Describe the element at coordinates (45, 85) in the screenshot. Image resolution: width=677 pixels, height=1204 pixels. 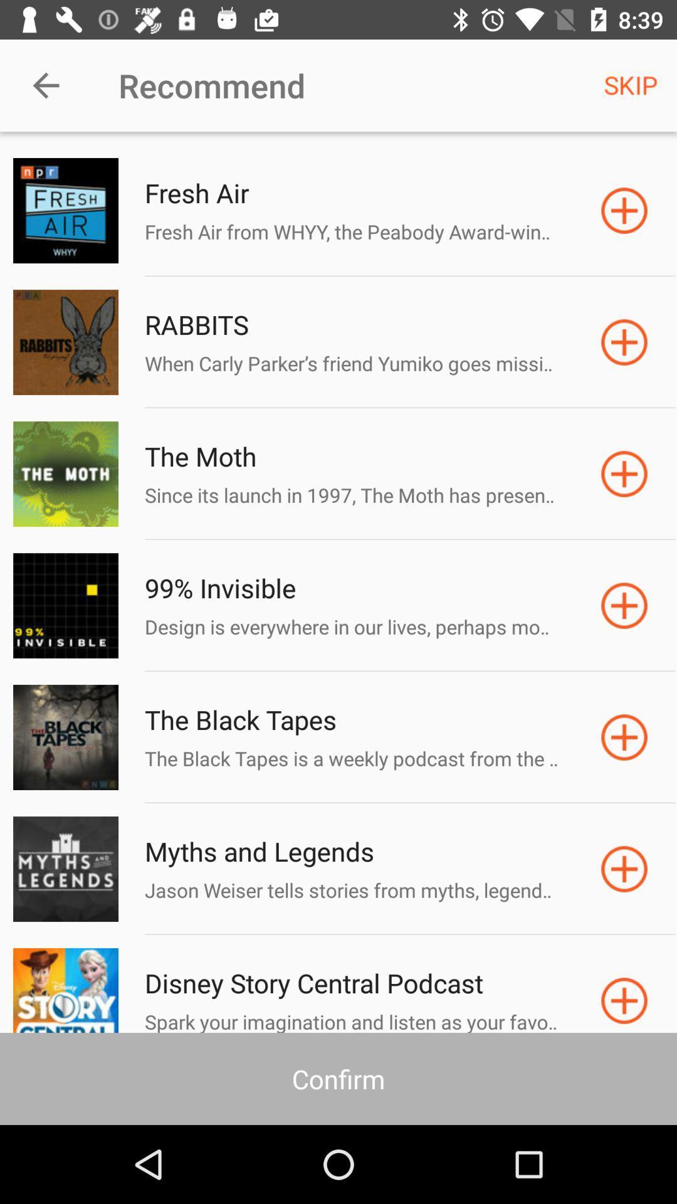
I see `icon next to recommend` at that location.